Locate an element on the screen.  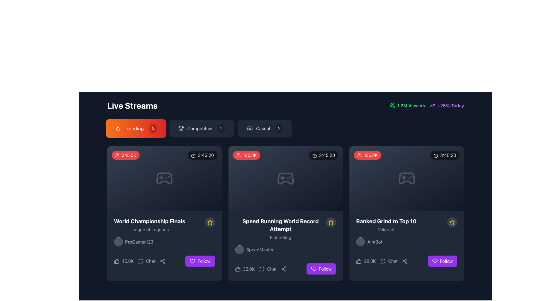
the game controller icon located at the top section of the 'Ranked Grind to Top 10' card in the 'Live Streams' section is located at coordinates (407, 178).